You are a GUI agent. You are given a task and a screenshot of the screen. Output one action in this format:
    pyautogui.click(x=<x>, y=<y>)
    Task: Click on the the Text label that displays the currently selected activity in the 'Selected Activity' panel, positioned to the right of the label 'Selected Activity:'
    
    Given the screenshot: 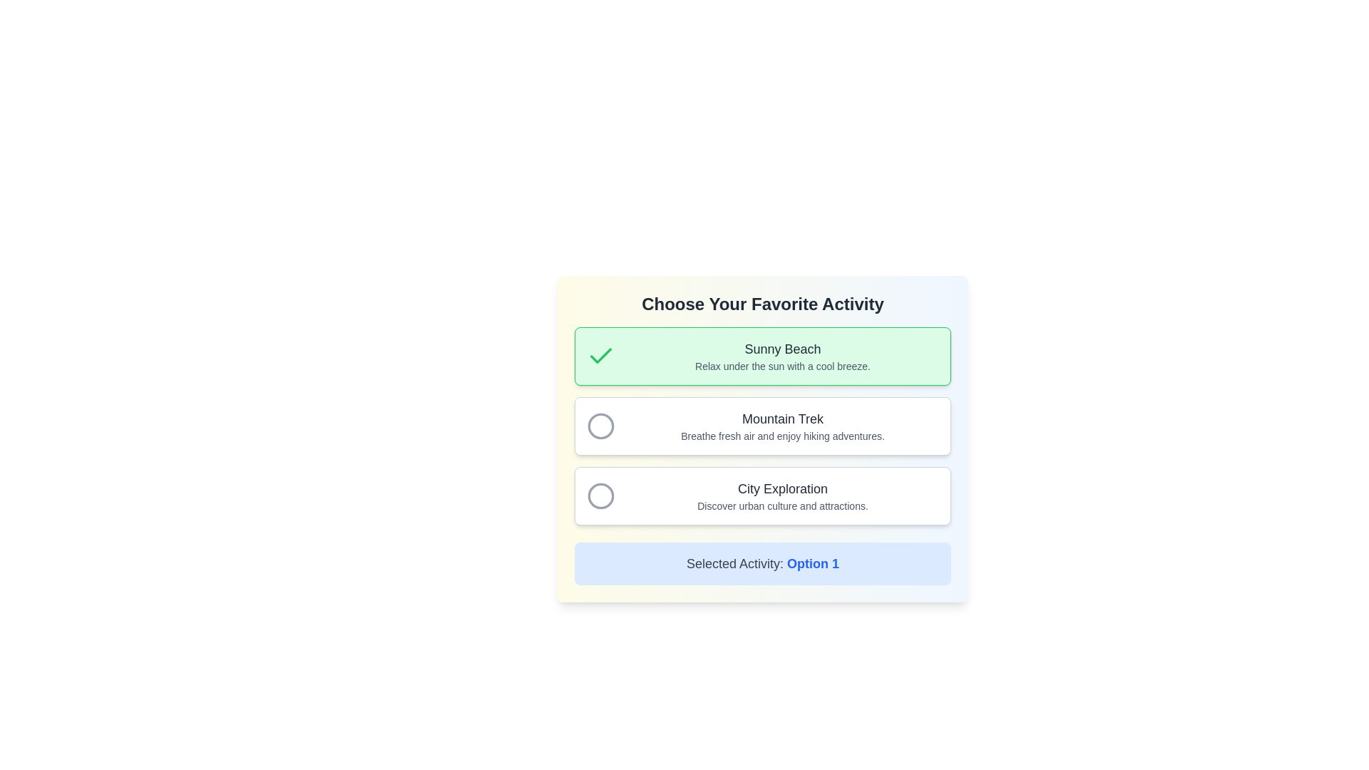 What is the action you would take?
    pyautogui.click(x=813, y=563)
    